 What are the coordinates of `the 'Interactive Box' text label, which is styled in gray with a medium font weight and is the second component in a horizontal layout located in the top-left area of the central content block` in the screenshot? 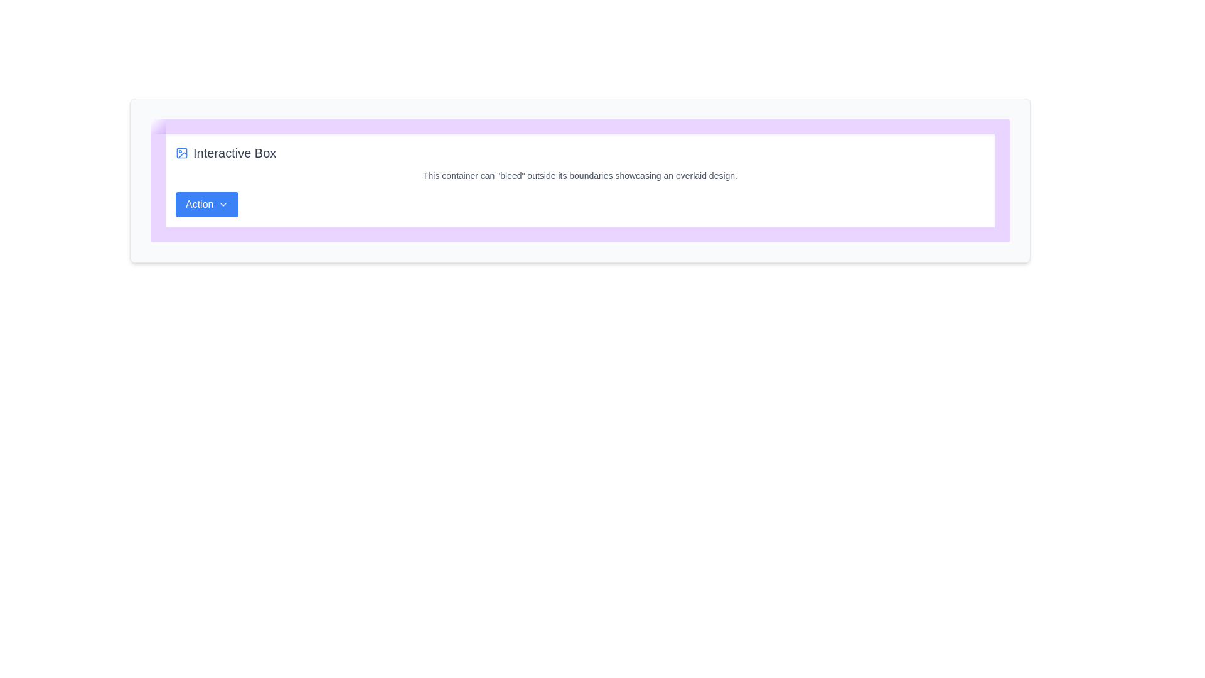 It's located at (235, 152).